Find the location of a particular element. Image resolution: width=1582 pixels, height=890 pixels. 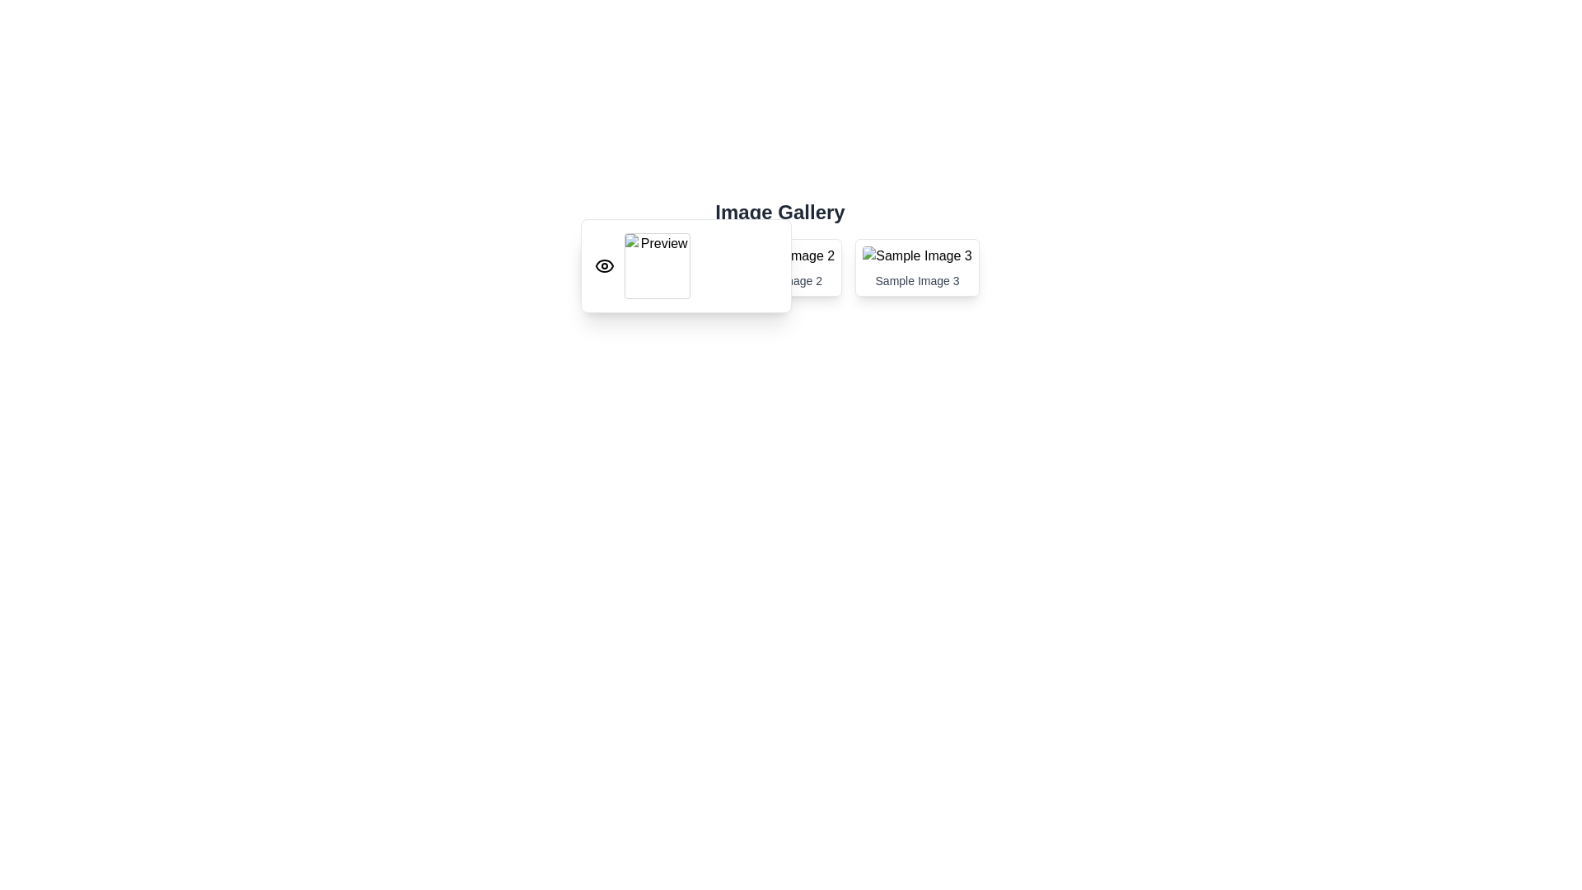

the image with the green placeholder background and alt text 'Sample Image 3' is located at coordinates (916, 256).